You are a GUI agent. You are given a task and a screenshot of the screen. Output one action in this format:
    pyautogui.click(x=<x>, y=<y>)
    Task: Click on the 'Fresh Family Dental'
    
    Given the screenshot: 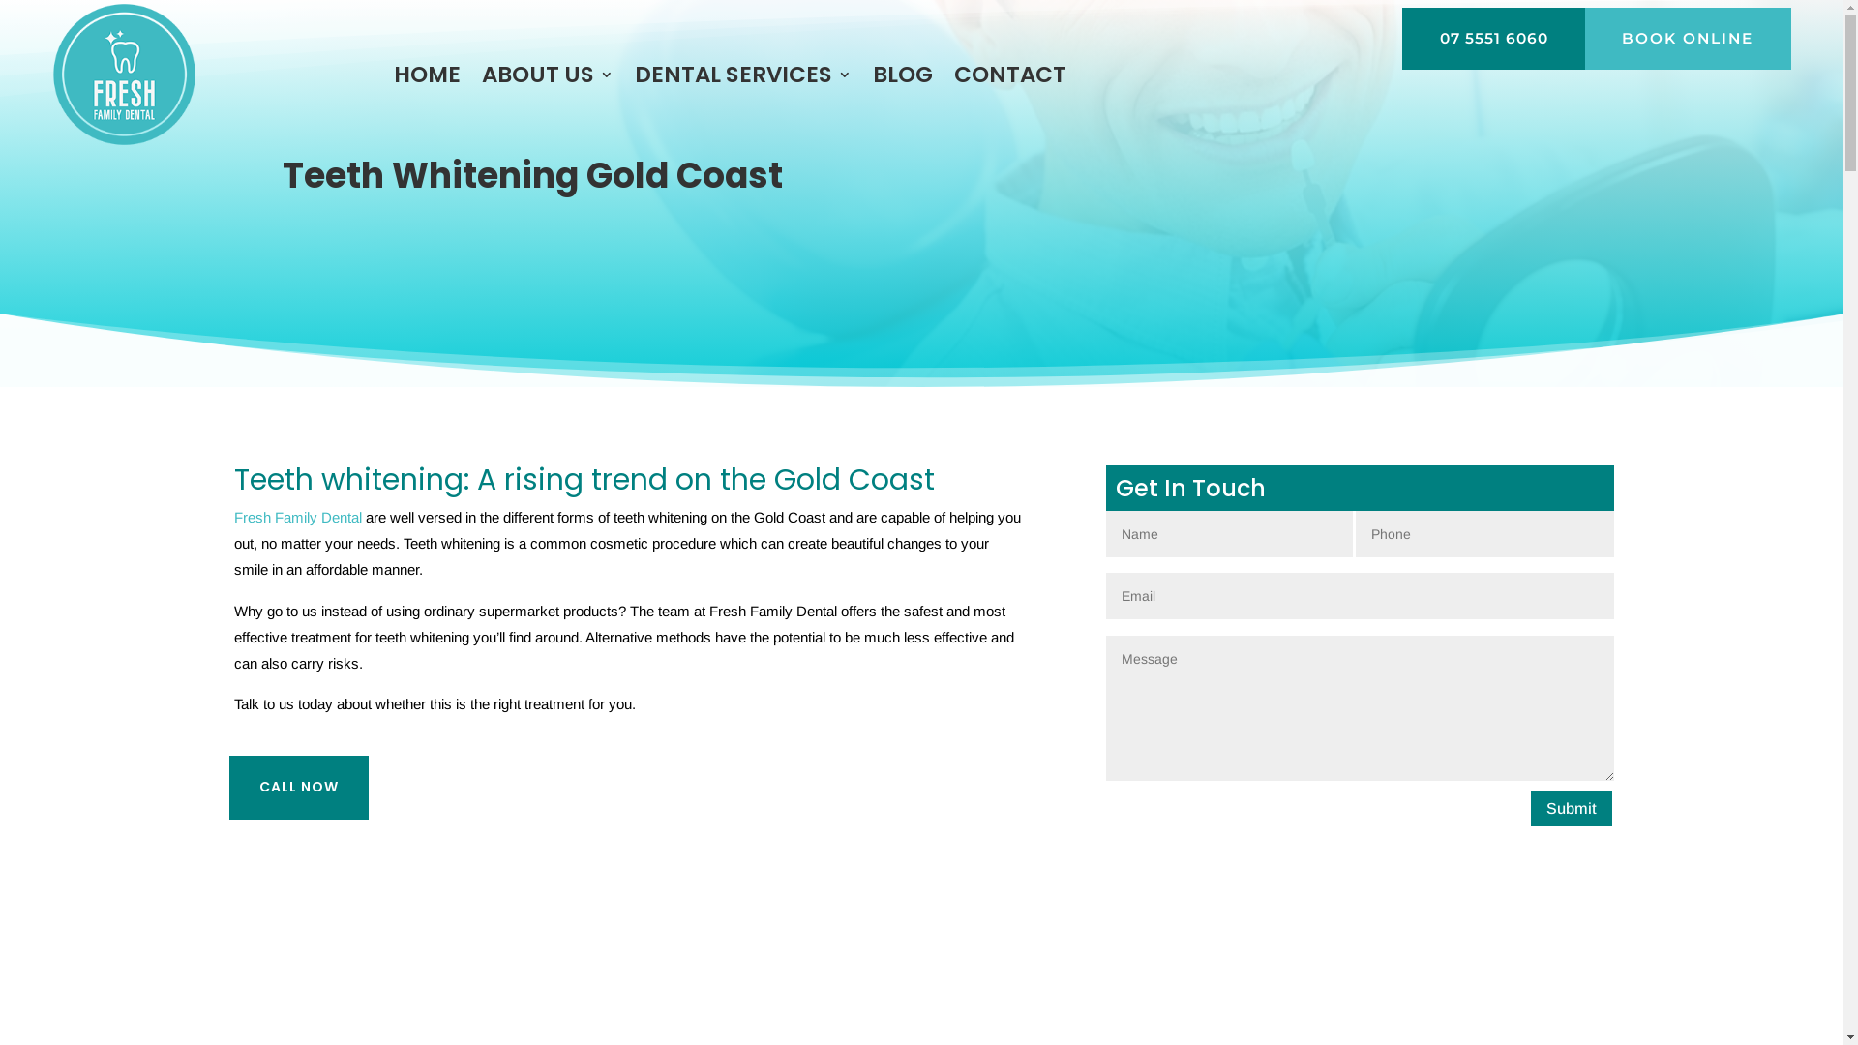 What is the action you would take?
    pyautogui.click(x=296, y=516)
    